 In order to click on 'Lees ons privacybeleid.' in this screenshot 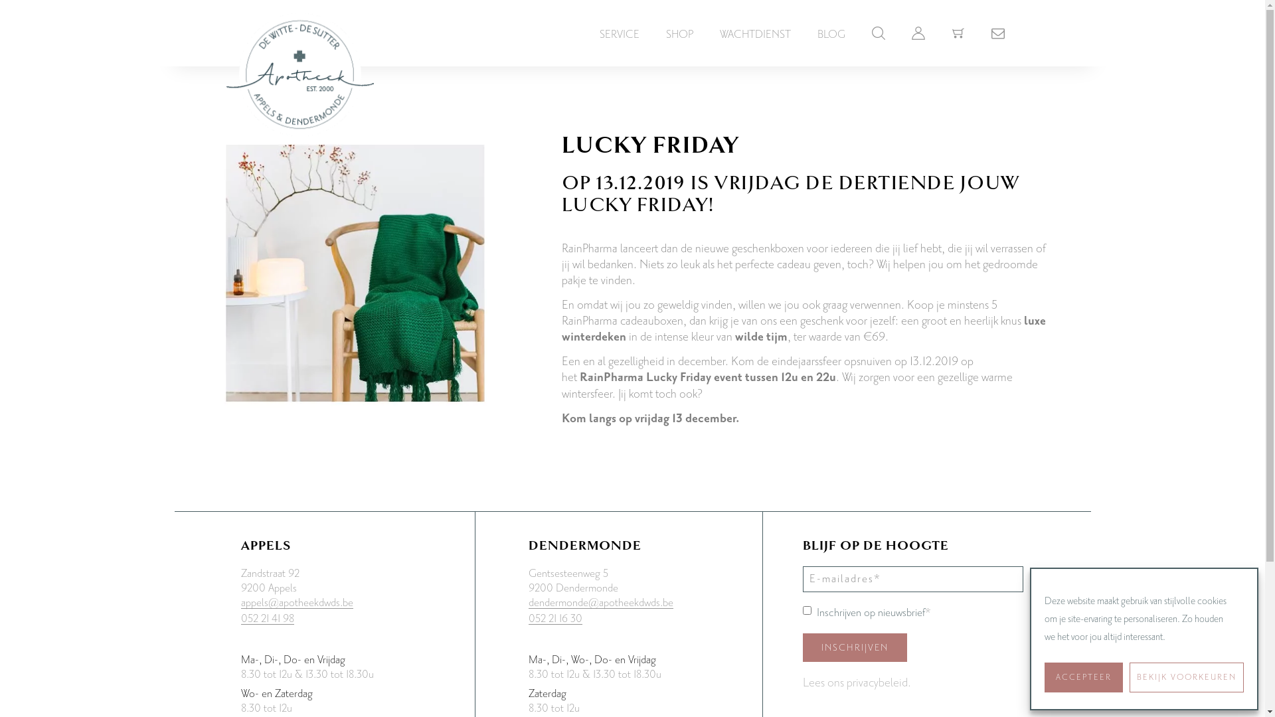, I will do `click(857, 683)`.